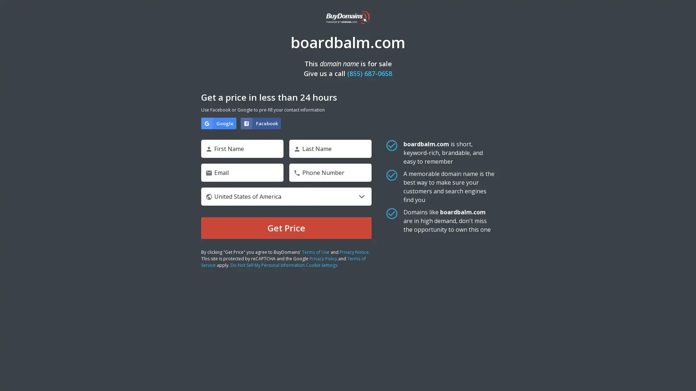 The width and height of the screenshot is (696, 391). I want to click on Cookies Settings, so click(74, 363).